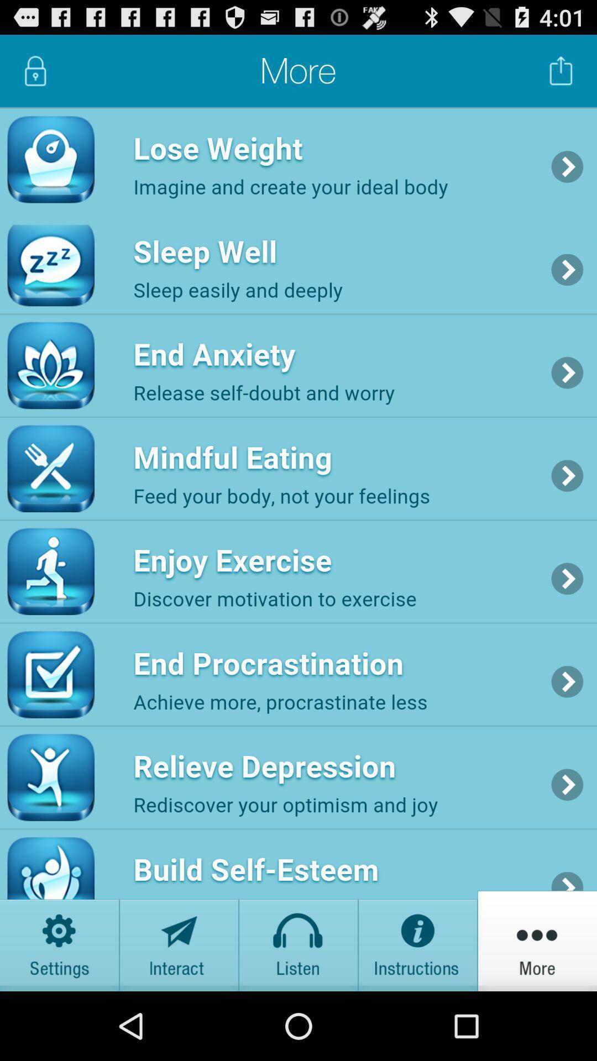 Image resolution: width=597 pixels, height=1061 pixels. What do you see at coordinates (179, 940) in the screenshot?
I see `interact button` at bounding box center [179, 940].